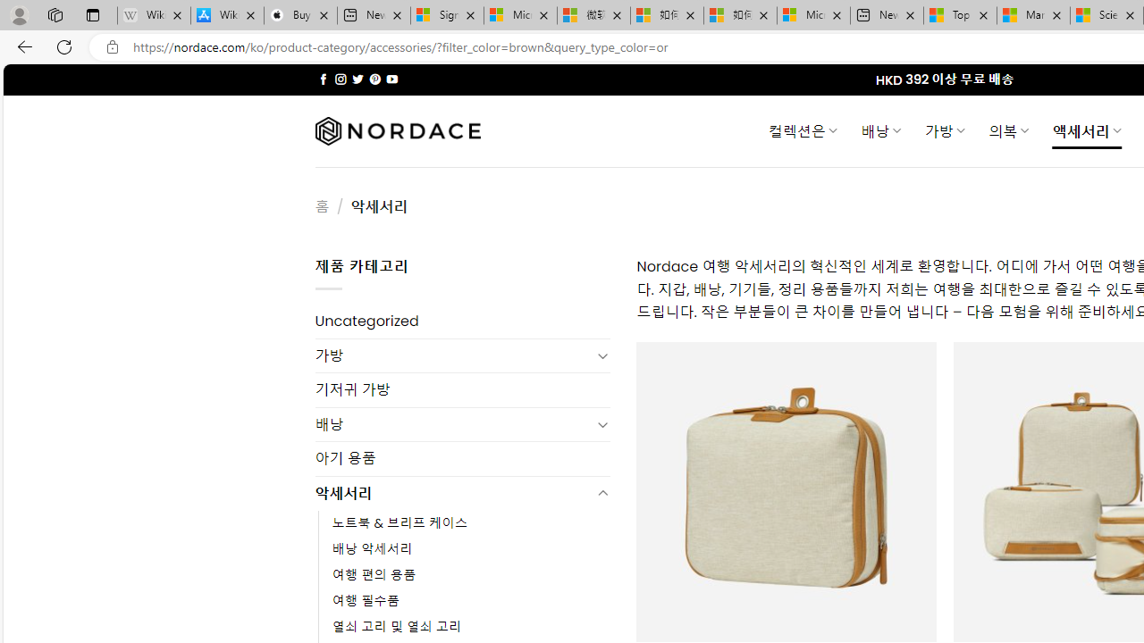 The image size is (1144, 643). What do you see at coordinates (324, 79) in the screenshot?
I see `'Follow on Facebook'` at bounding box center [324, 79].